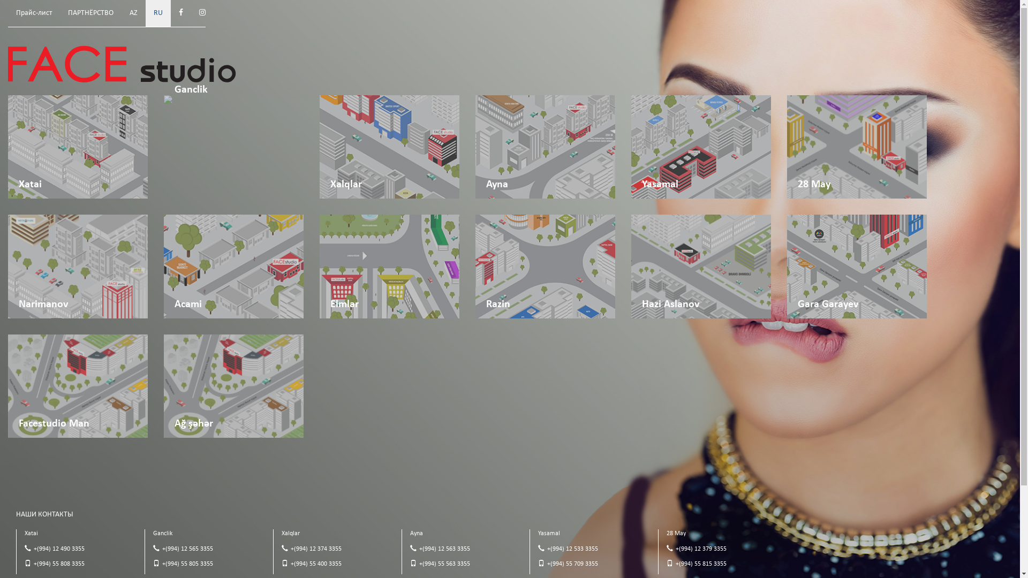  What do you see at coordinates (163, 265) in the screenshot?
I see `'Acami'` at bounding box center [163, 265].